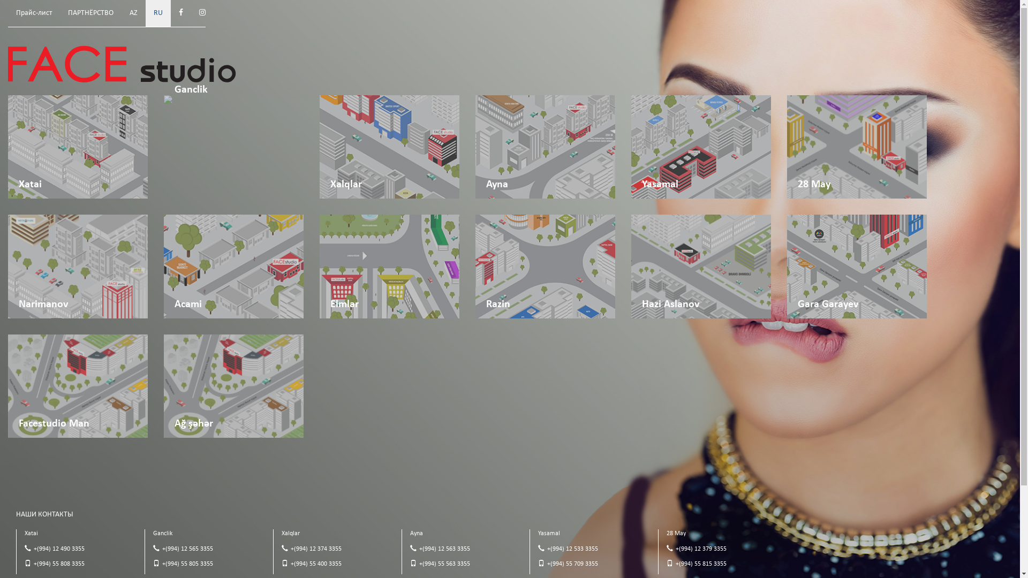  What do you see at coordinates (163, 265) in the screenshot?
I see `'Acami'` at bounding box center [163, 265].